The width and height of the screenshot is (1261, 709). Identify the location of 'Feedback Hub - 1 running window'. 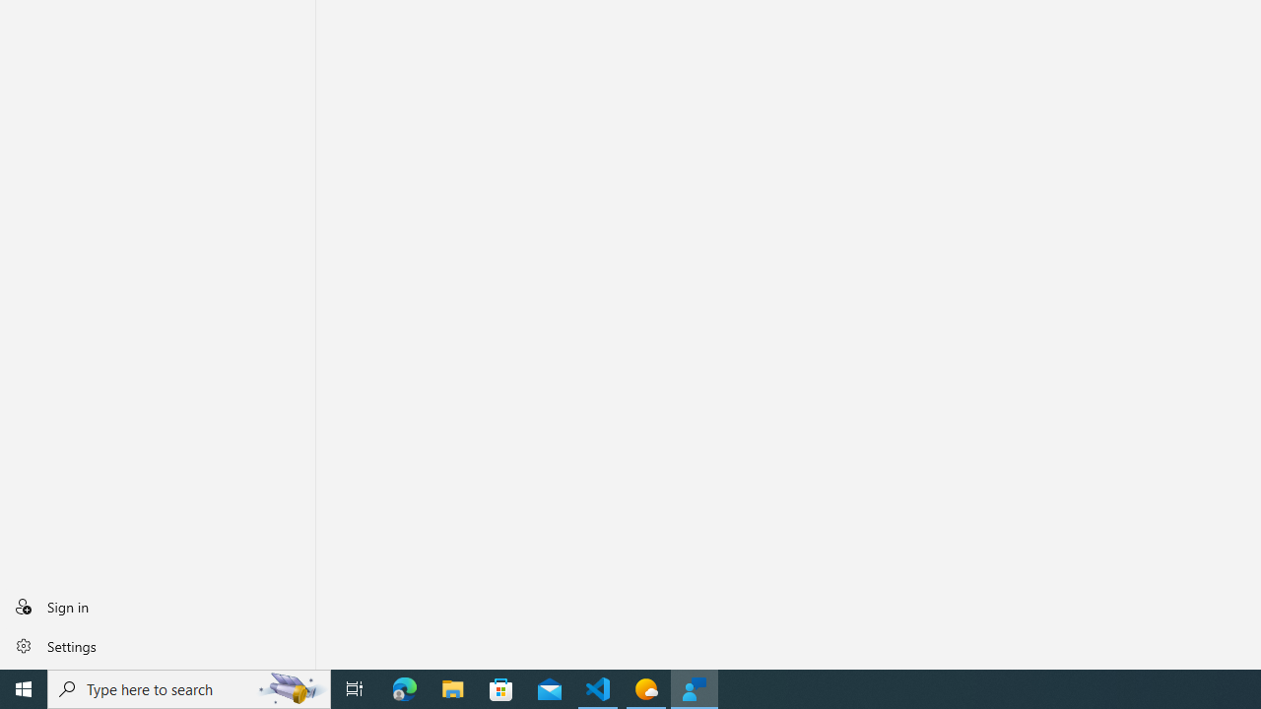
(695, 687).